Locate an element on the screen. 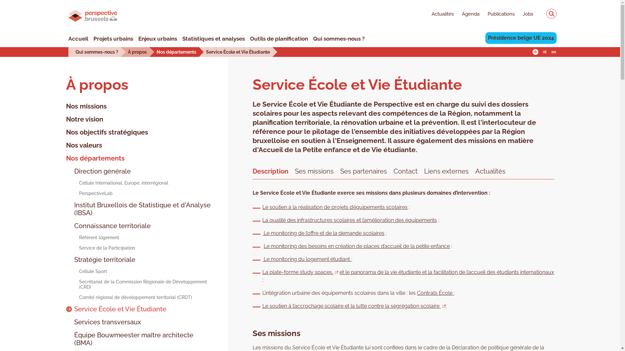  'Jobs' is located at coordinates (514, 15).